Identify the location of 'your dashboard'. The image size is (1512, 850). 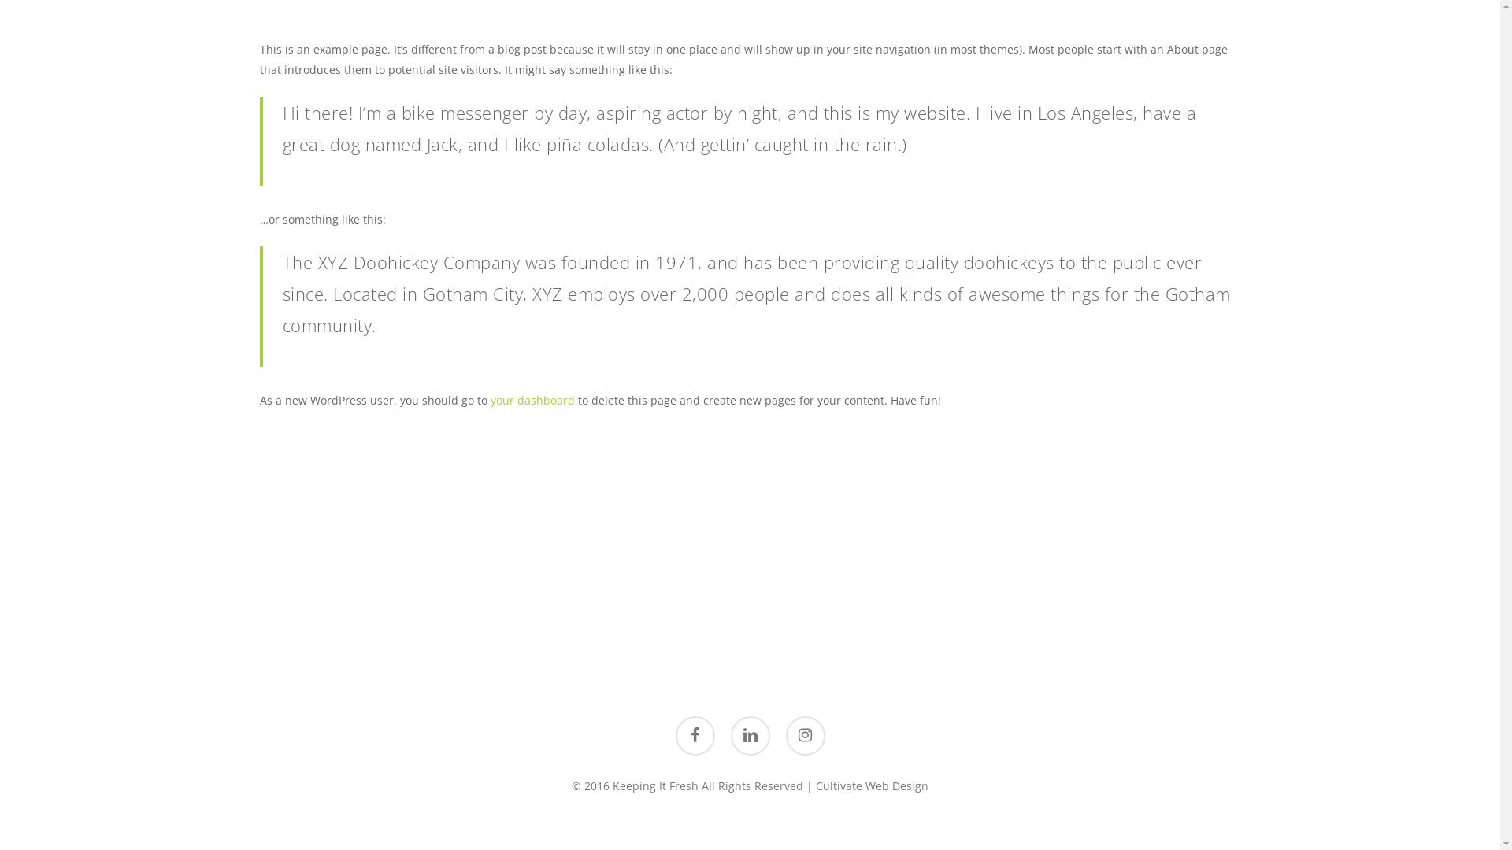
(532, 399).